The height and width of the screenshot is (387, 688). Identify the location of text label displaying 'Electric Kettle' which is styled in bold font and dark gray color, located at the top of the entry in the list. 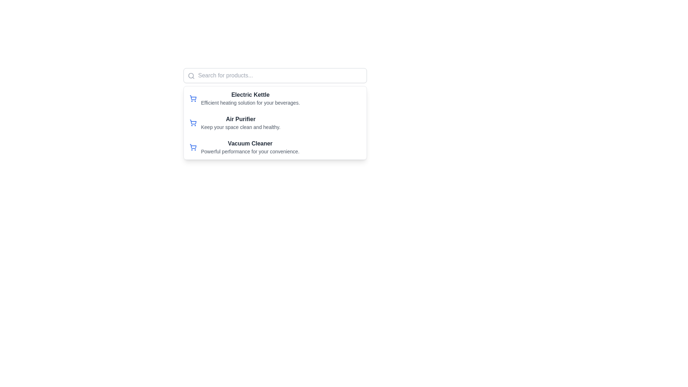
(250, 95).